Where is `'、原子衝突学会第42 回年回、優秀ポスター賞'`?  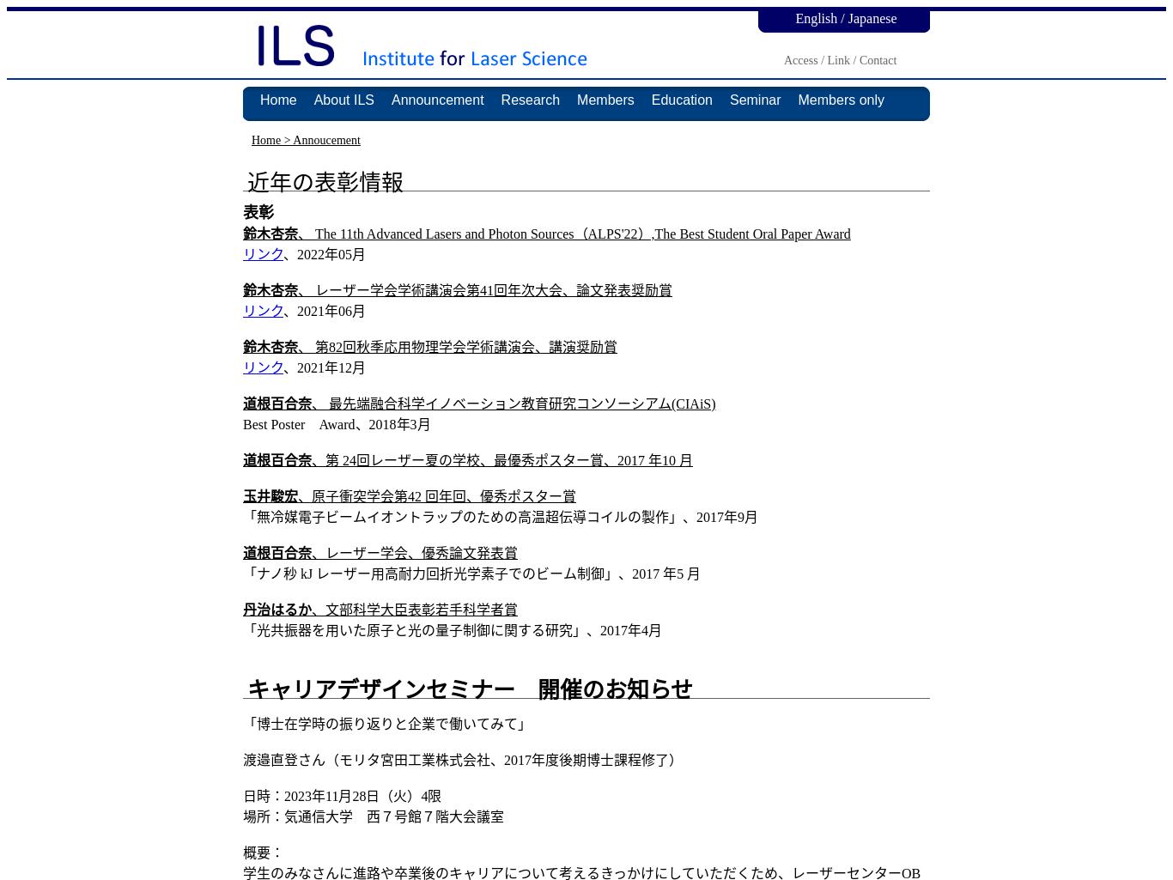
'、原子衝突学会第42 回年回、優秀ポスター賞' is located at coordinates (436, 496).